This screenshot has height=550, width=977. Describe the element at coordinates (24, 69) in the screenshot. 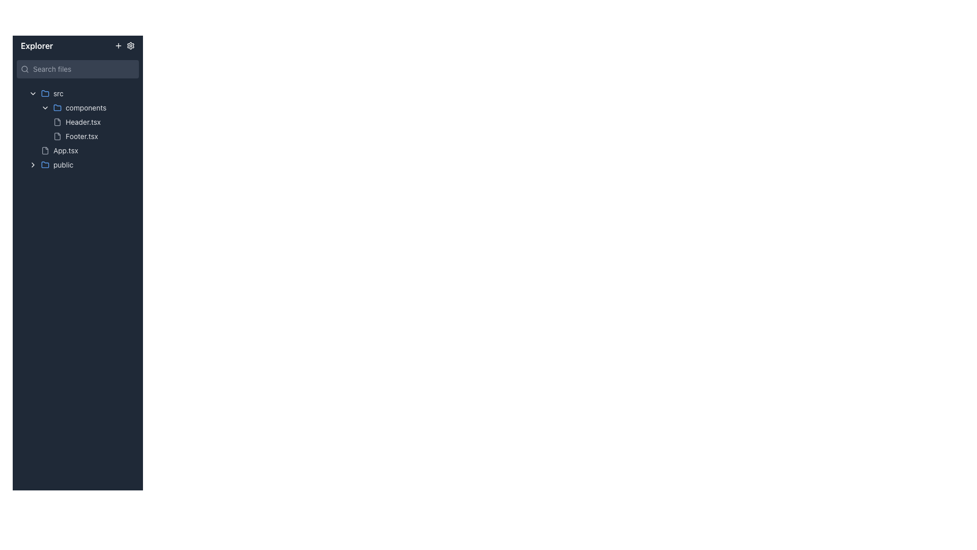

I see `the circle graphic element within the search icon located in the top-left corner of the Explorer sidebar` at that location.